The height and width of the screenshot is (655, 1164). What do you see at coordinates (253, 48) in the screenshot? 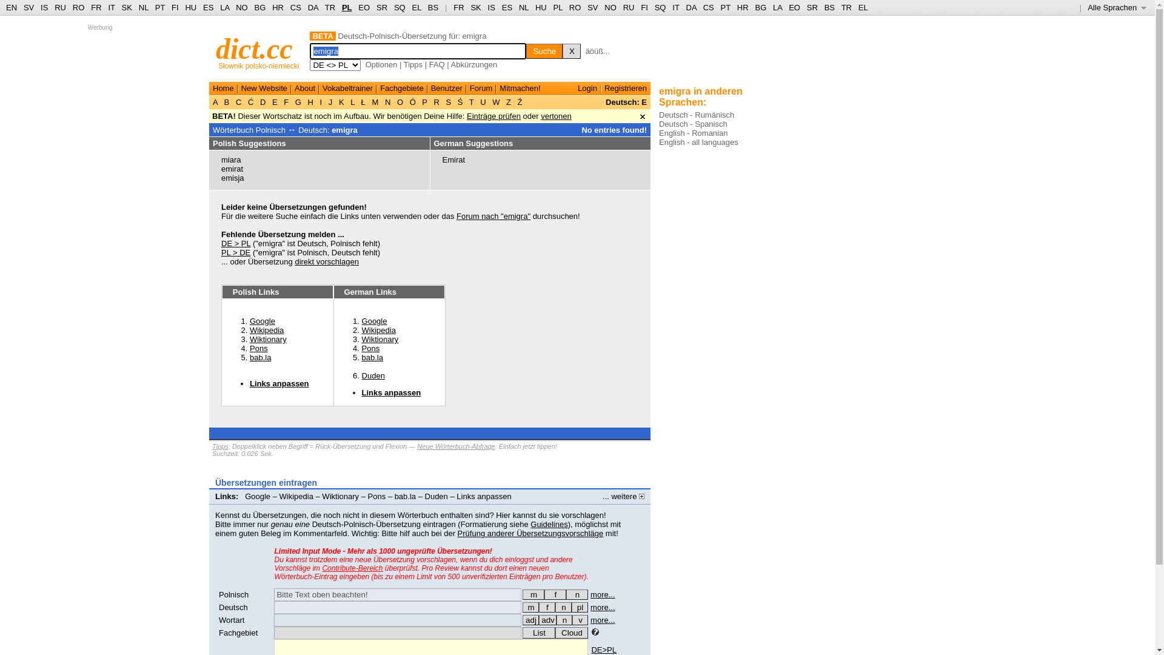
I see `'dict.cc'` at bounding box center [253, 48].